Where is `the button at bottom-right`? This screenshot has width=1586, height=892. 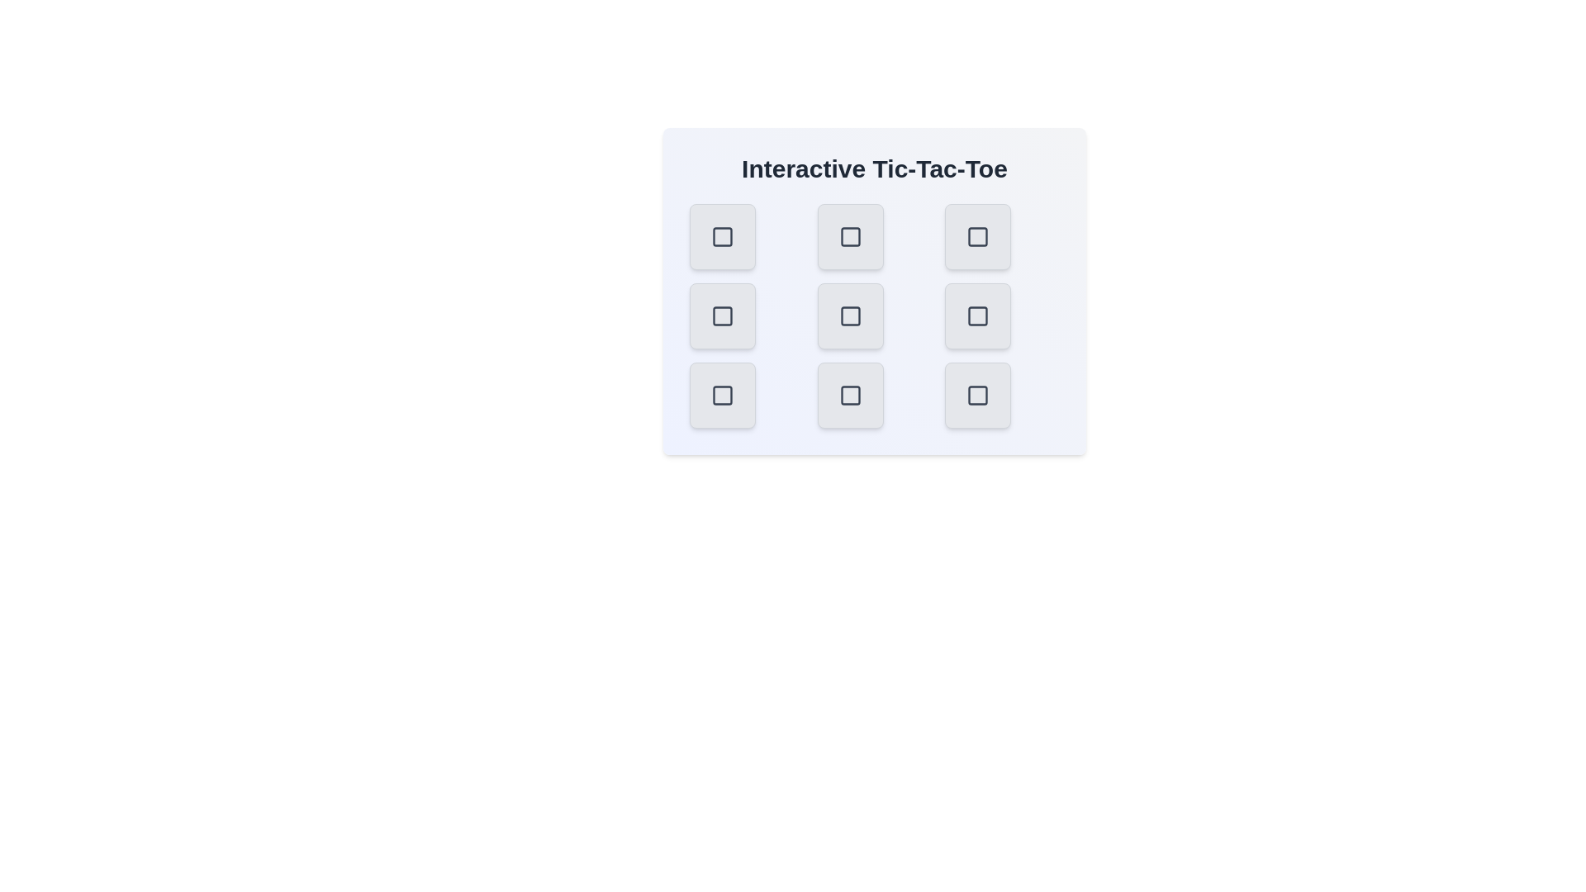
the button at bottom-right is located at coordinates (978, 395).